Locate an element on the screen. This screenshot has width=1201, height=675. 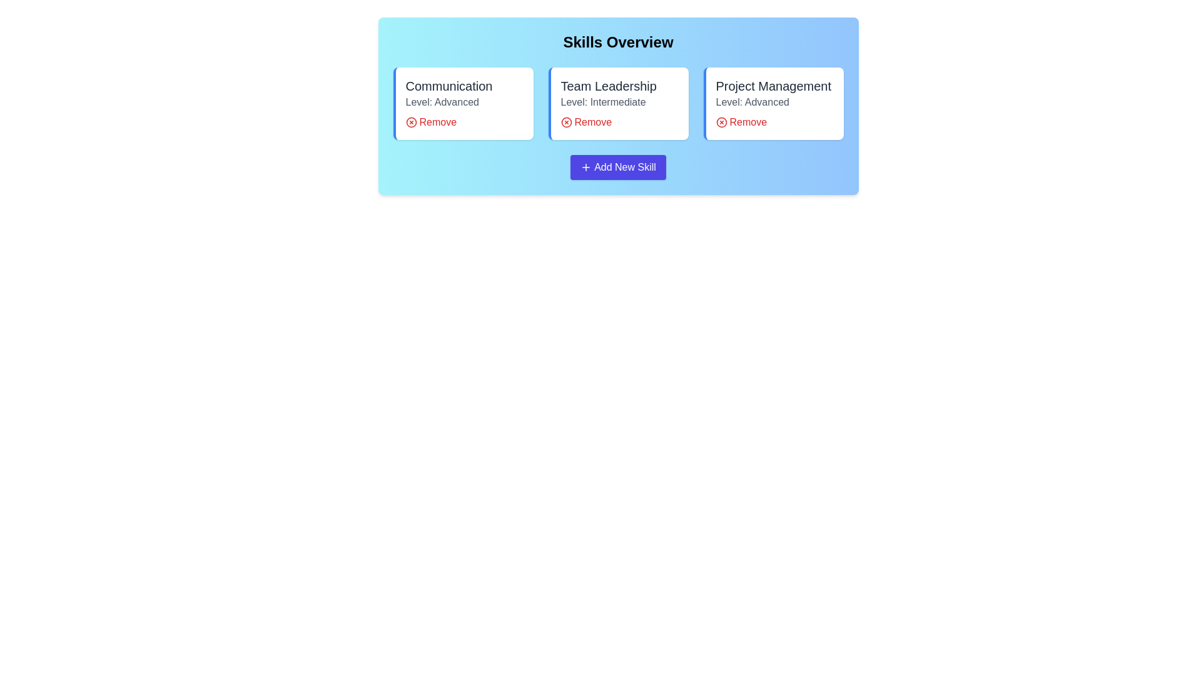
'Remove' button for the skill Communication is located at coordinates (431, 122).